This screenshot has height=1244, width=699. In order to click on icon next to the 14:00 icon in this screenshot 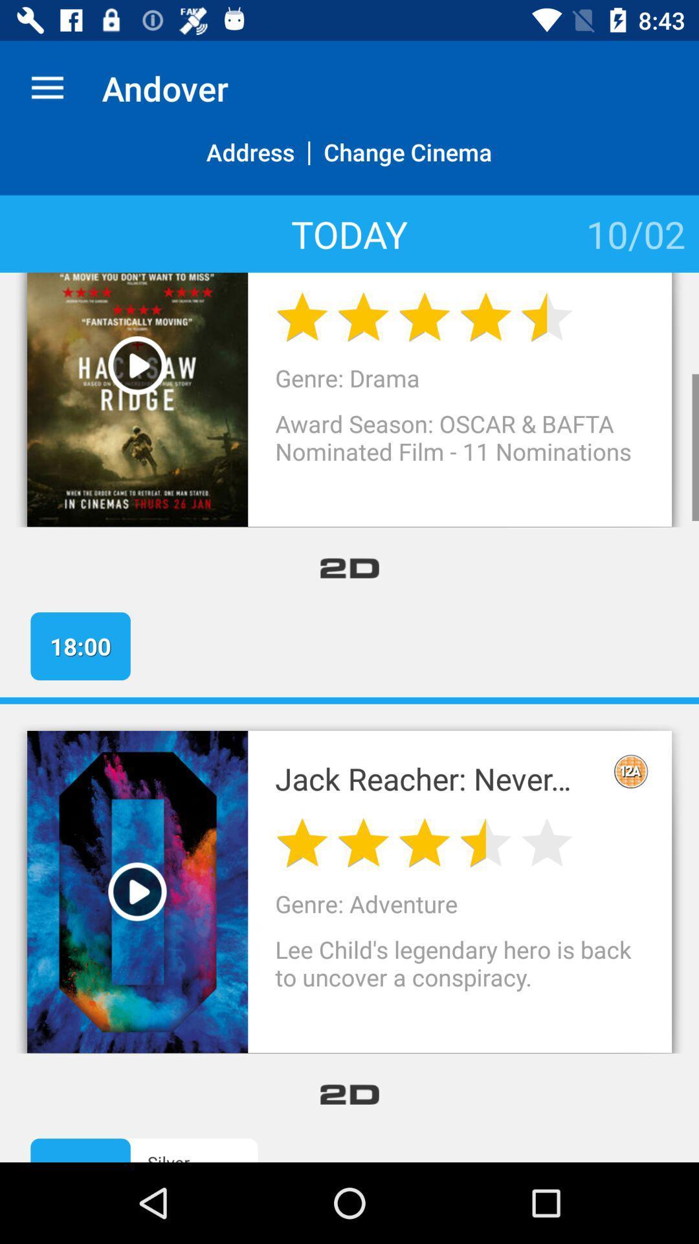, I will do `click(214, 1157)`.